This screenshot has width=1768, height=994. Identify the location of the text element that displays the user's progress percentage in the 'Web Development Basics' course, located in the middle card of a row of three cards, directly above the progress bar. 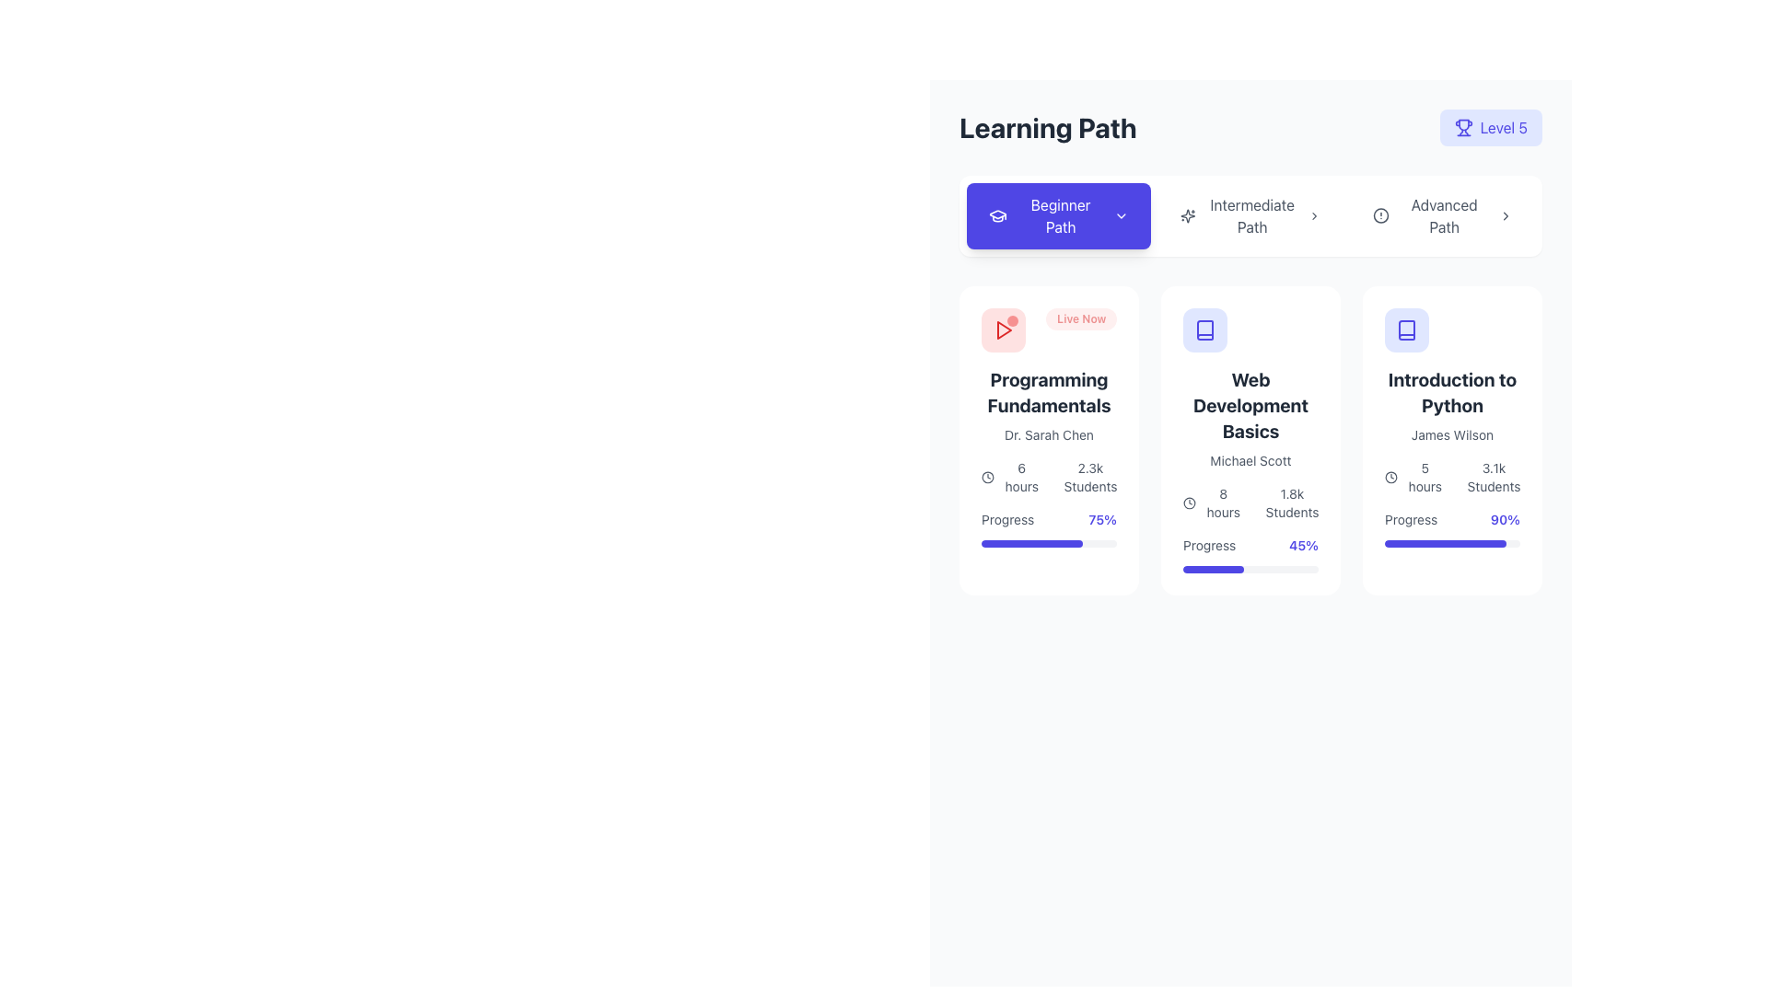
(1250, 545).